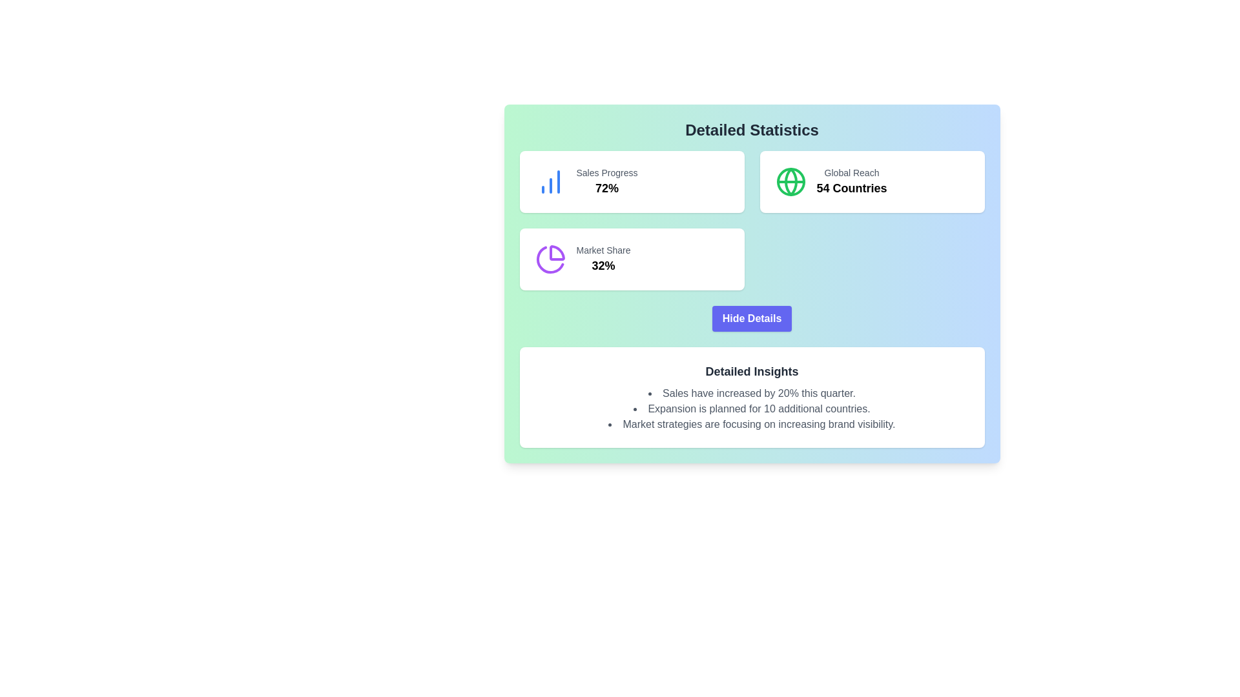 The height and width of the screenshot is (697, 1240). What do you see at coordinates (603, 250) in the screenshot?
I see `the text label that indicates 'Market Share' and displays the percentage '32%', located within a card area with a purple pie chart icon` at bounding box center [603, 250].